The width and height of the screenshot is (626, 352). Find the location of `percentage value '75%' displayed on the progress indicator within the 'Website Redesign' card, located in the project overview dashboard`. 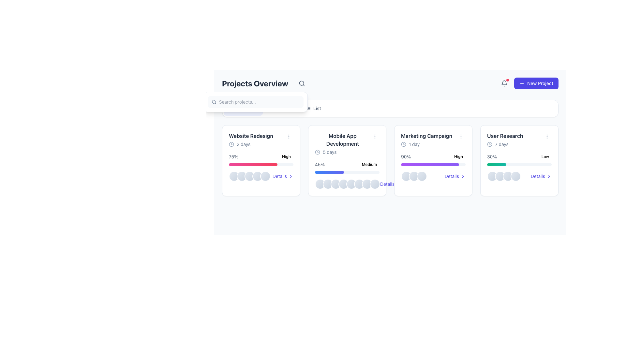

percentage value '75%' displayed on the progress indicator within the 'Website Redesign' card, located in the project overview dashboard is located at coordinates (261, 159).